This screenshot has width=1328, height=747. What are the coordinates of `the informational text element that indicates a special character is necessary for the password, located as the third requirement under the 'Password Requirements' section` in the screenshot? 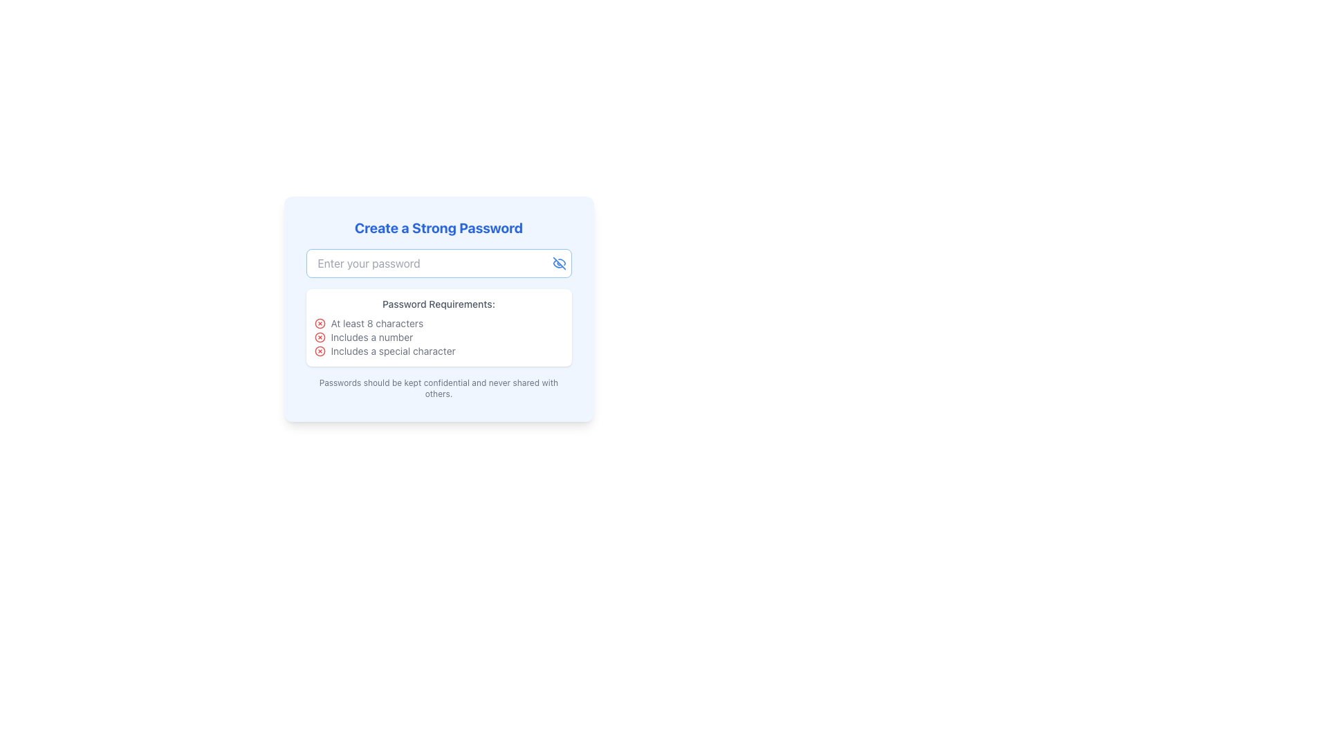 It's located at (438, 351).